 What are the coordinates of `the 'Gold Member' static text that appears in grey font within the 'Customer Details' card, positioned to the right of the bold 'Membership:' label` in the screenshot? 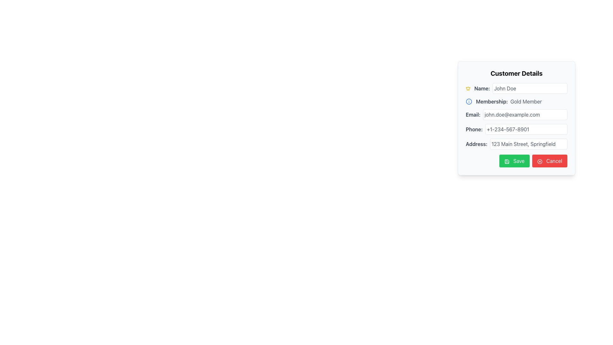 It's located at (526, 101).